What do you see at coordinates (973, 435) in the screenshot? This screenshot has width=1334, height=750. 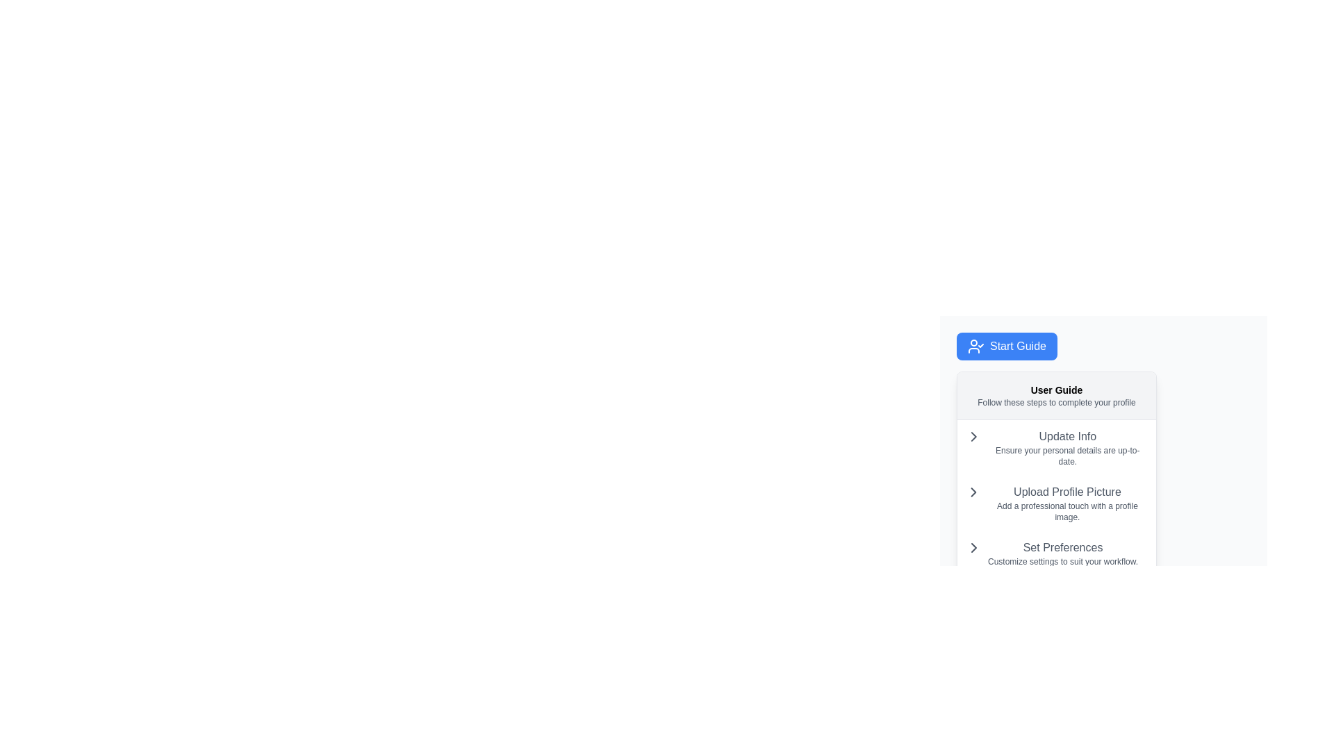 I see `the chevron icon located to the left of the 'Update Info' text in the 'User Guide' card section to observe its visual change` at bounding box center [973, 435].